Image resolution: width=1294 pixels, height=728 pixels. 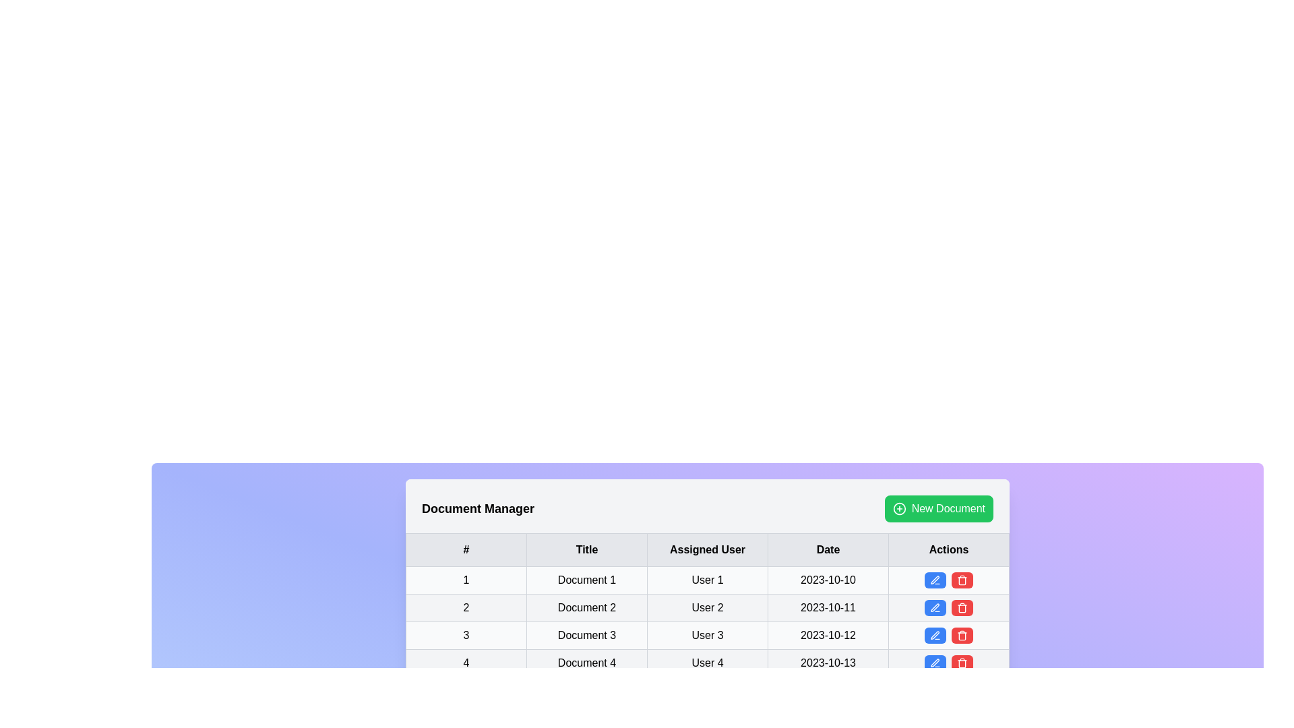 What do you see at coordinates (586, 550) in the screenshot?
I see `the table header cell containing the text 'Title' to sort the column` at bounding box center [586, 550].